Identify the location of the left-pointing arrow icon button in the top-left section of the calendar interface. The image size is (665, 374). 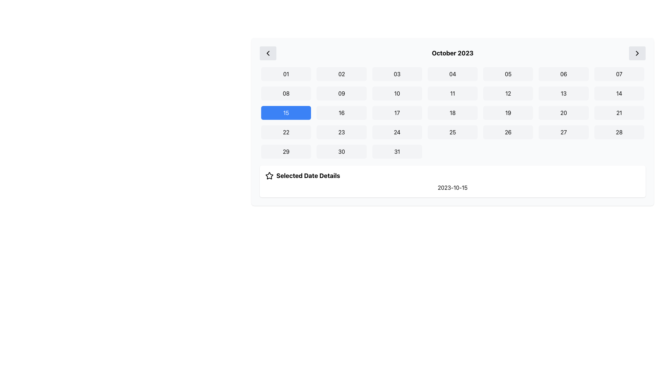
(267, 53).